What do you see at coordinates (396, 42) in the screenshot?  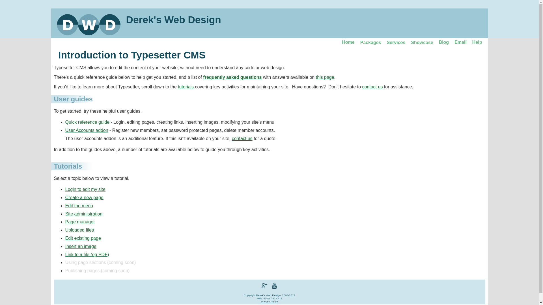 I see `'Services'` at bounding box center [396, 42].